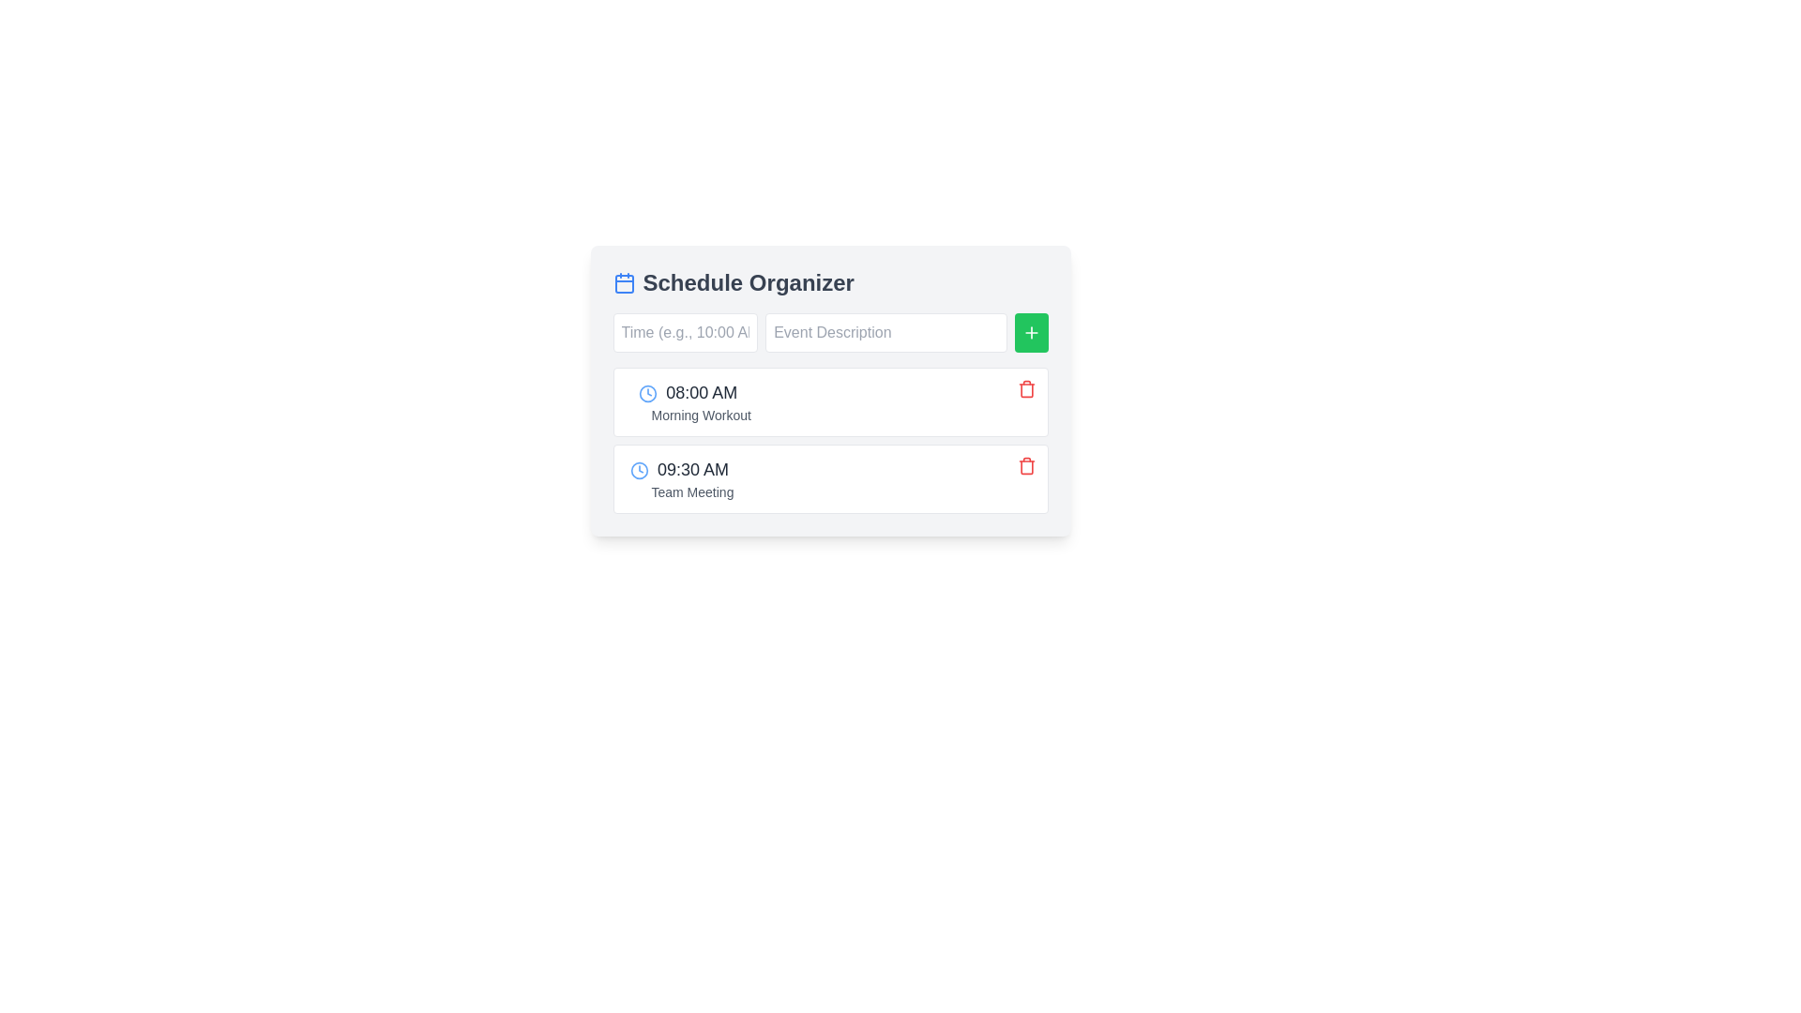  What do you see at coordinates (1025, 388) in the screenshot?
I see `the delete icon button for the '08:00 AM Morning Workout' event in the schedule organizer` at bounding box center [1025, 388].